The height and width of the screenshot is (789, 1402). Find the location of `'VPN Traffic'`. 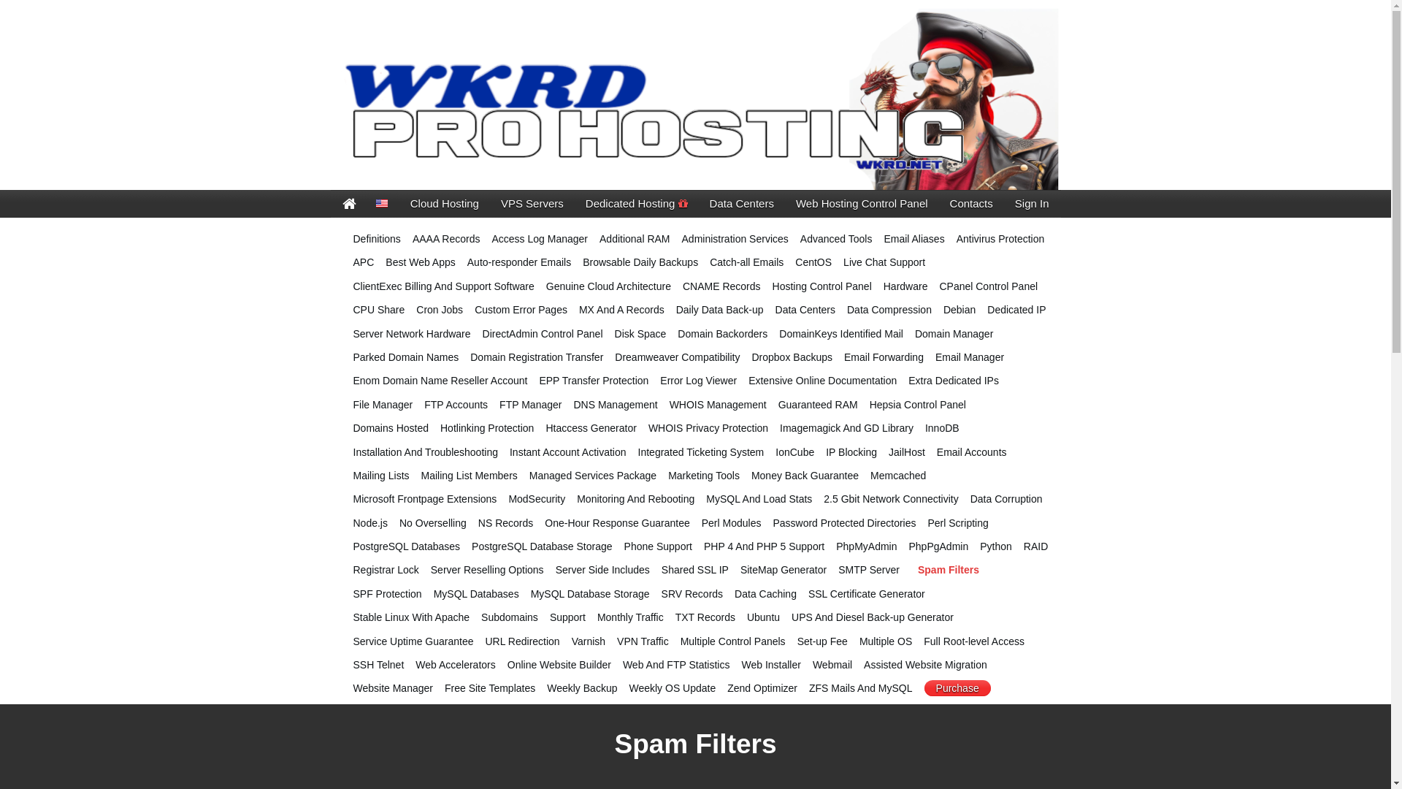

'VPN Traffic' is located at coordinates (643, 641).